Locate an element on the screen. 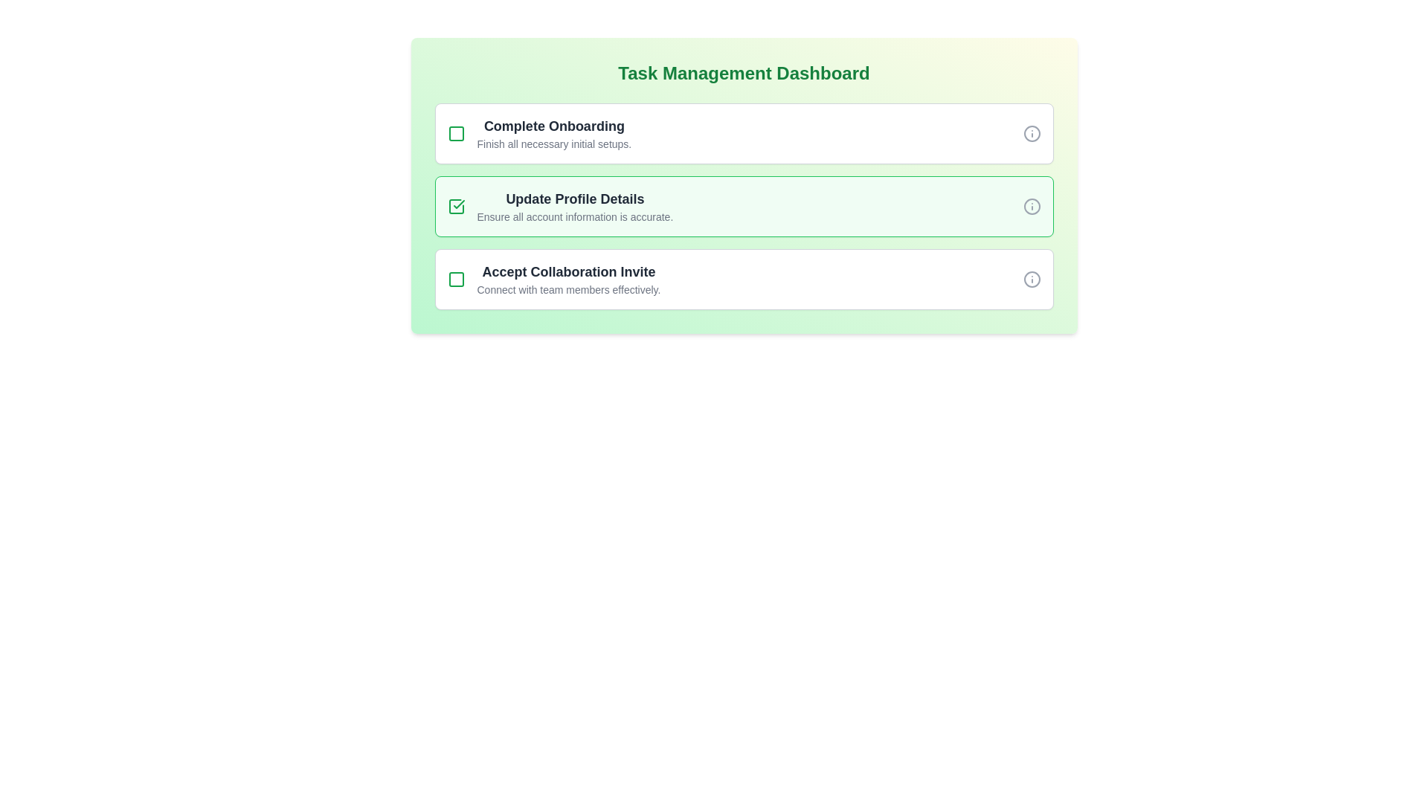  the first icon indicating the completion status of the task 'Complete Onboarding', located is located at coordinates (455, 134).